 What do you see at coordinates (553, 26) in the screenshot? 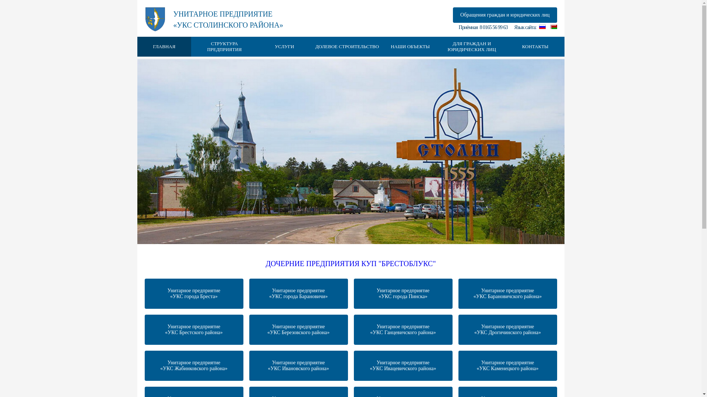
I see `'Belarusian (be-BY)'` at bounding box center [553, 26].